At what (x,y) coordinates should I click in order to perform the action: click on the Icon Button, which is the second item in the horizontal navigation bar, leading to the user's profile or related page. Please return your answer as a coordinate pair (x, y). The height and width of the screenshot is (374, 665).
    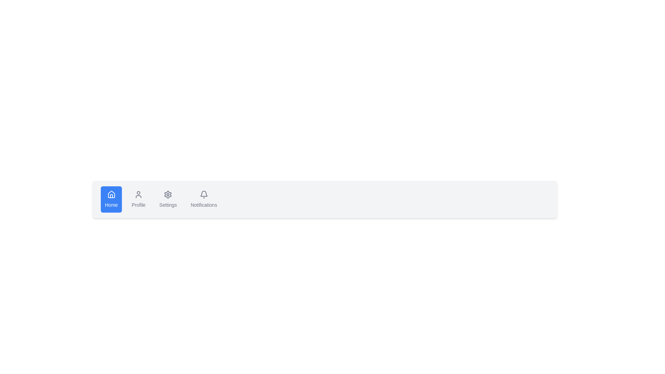
    Looking at the image, I should click on (139, 195).